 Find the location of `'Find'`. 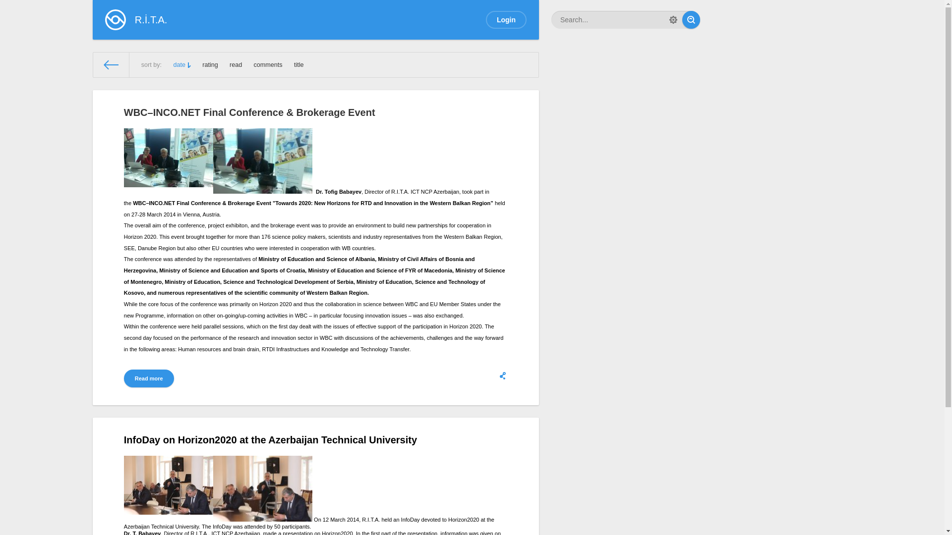

'Find' is located at coordinates (690, 19).